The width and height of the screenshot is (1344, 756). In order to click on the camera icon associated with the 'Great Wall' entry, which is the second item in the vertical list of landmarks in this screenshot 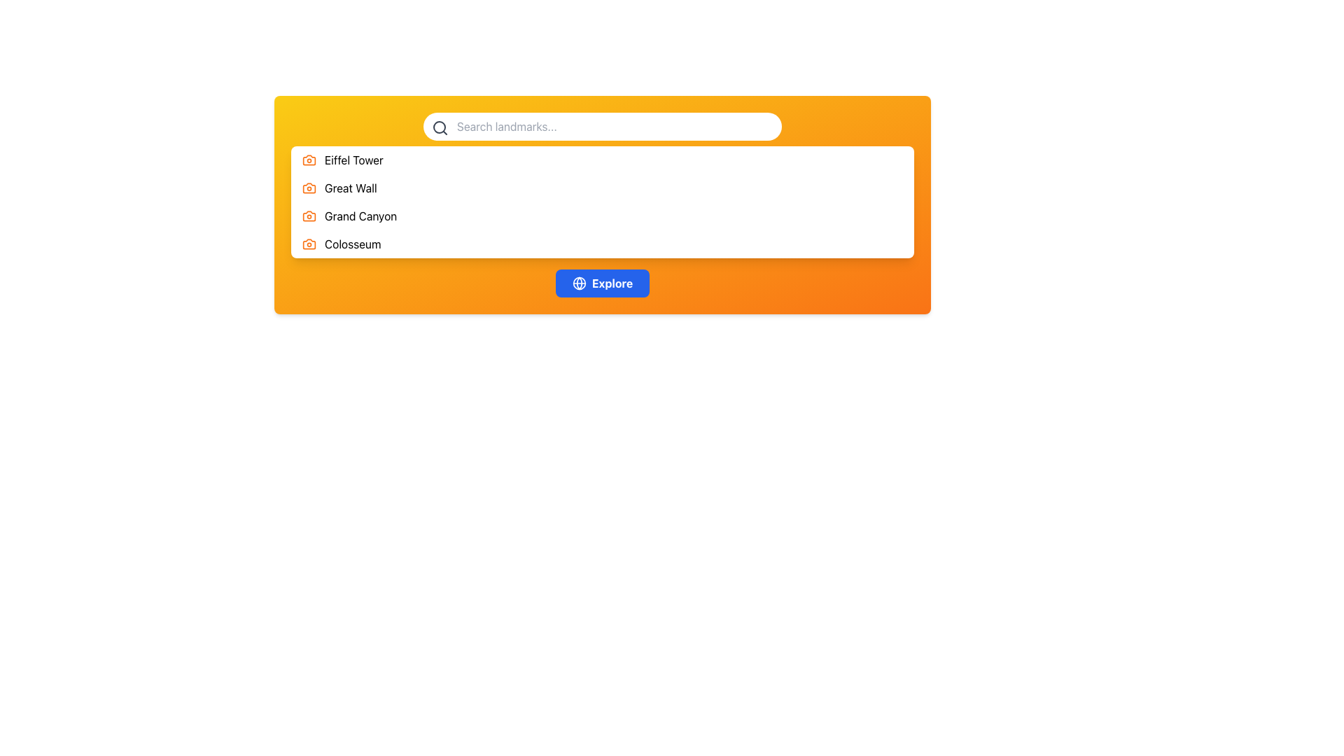, I will do `click(308, 188)`.